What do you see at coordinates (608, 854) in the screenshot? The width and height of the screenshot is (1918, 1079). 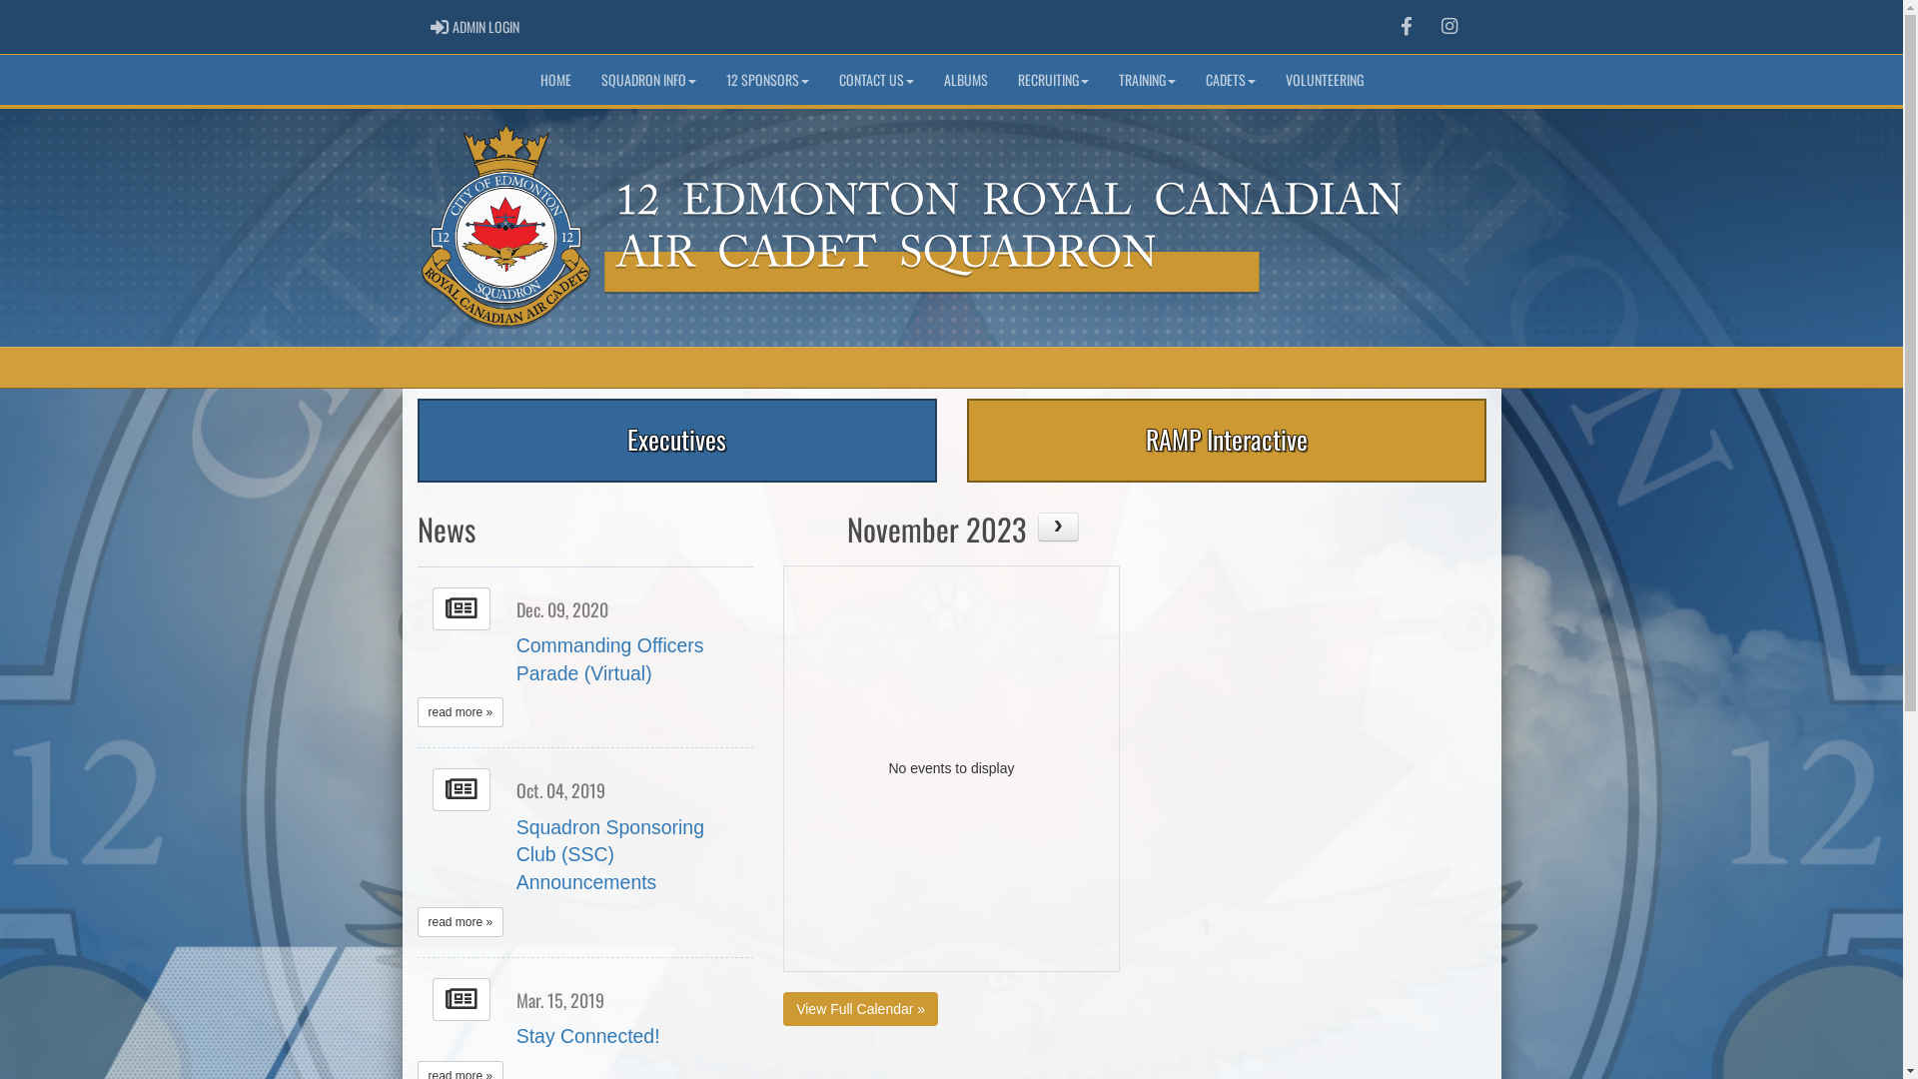 I see `'Squadron Sponsoring Club (SSC) Announcements'` at bounding box center [608, 854].